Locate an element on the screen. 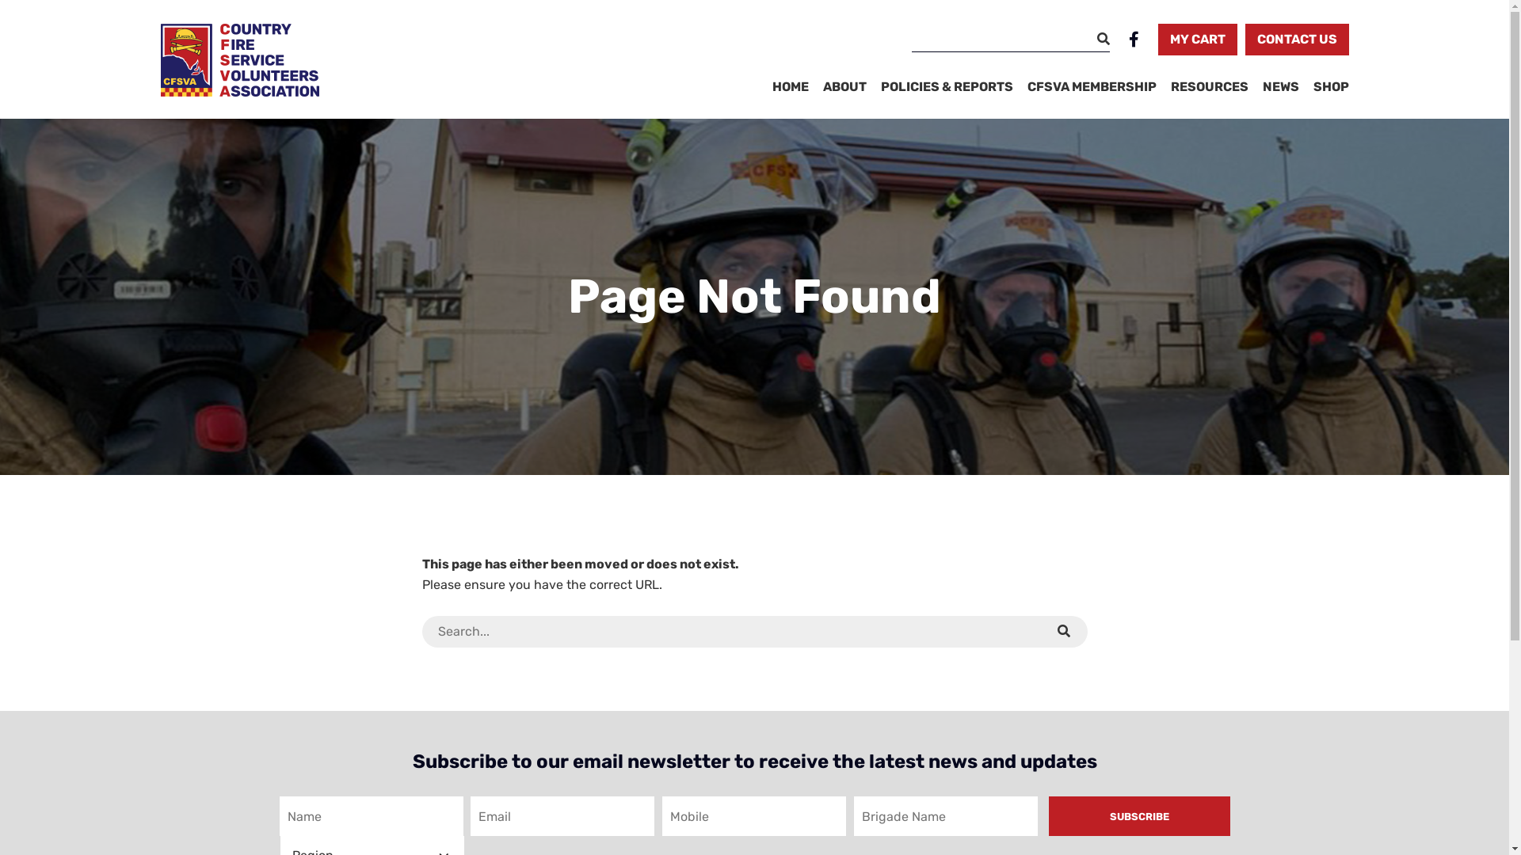 This screenshot has width=1521, height=855. 'RESOURCES' is located at coordinates (1208, 86).